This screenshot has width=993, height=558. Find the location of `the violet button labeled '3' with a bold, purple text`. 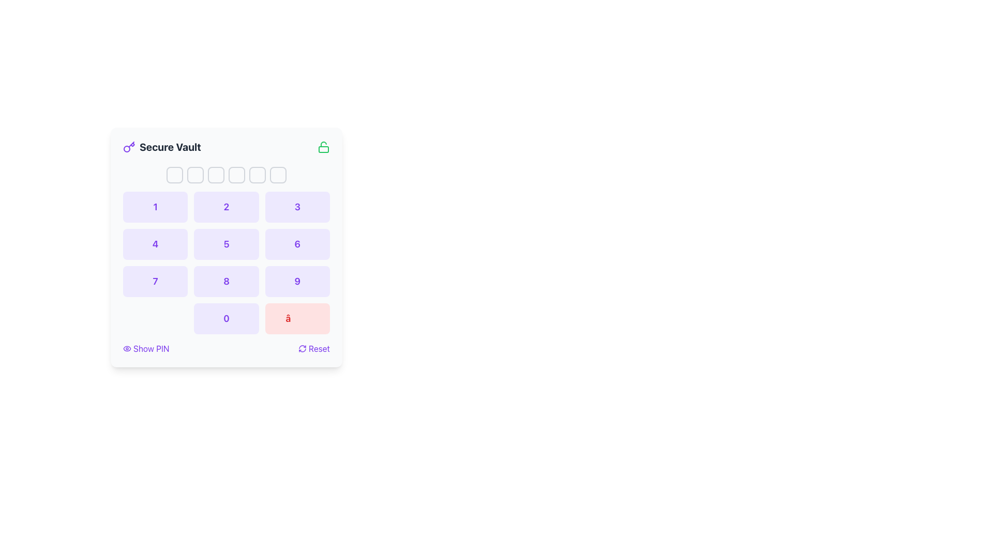

the violet button labeled '3' with a bold, purple text is located at coordinates (297, 207).